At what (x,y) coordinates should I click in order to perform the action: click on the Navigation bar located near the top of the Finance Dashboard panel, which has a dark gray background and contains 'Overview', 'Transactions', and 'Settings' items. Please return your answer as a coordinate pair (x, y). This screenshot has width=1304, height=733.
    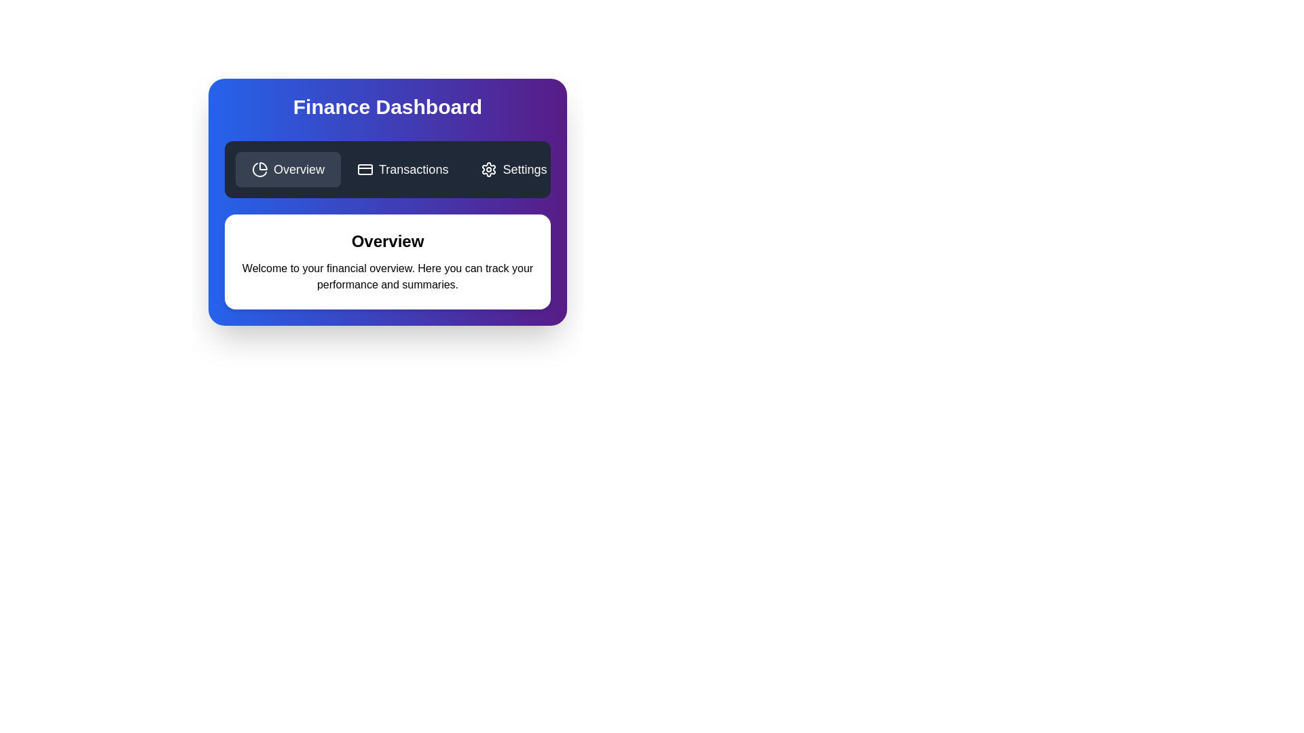
    Looking at the image, I should click on (387, 169).